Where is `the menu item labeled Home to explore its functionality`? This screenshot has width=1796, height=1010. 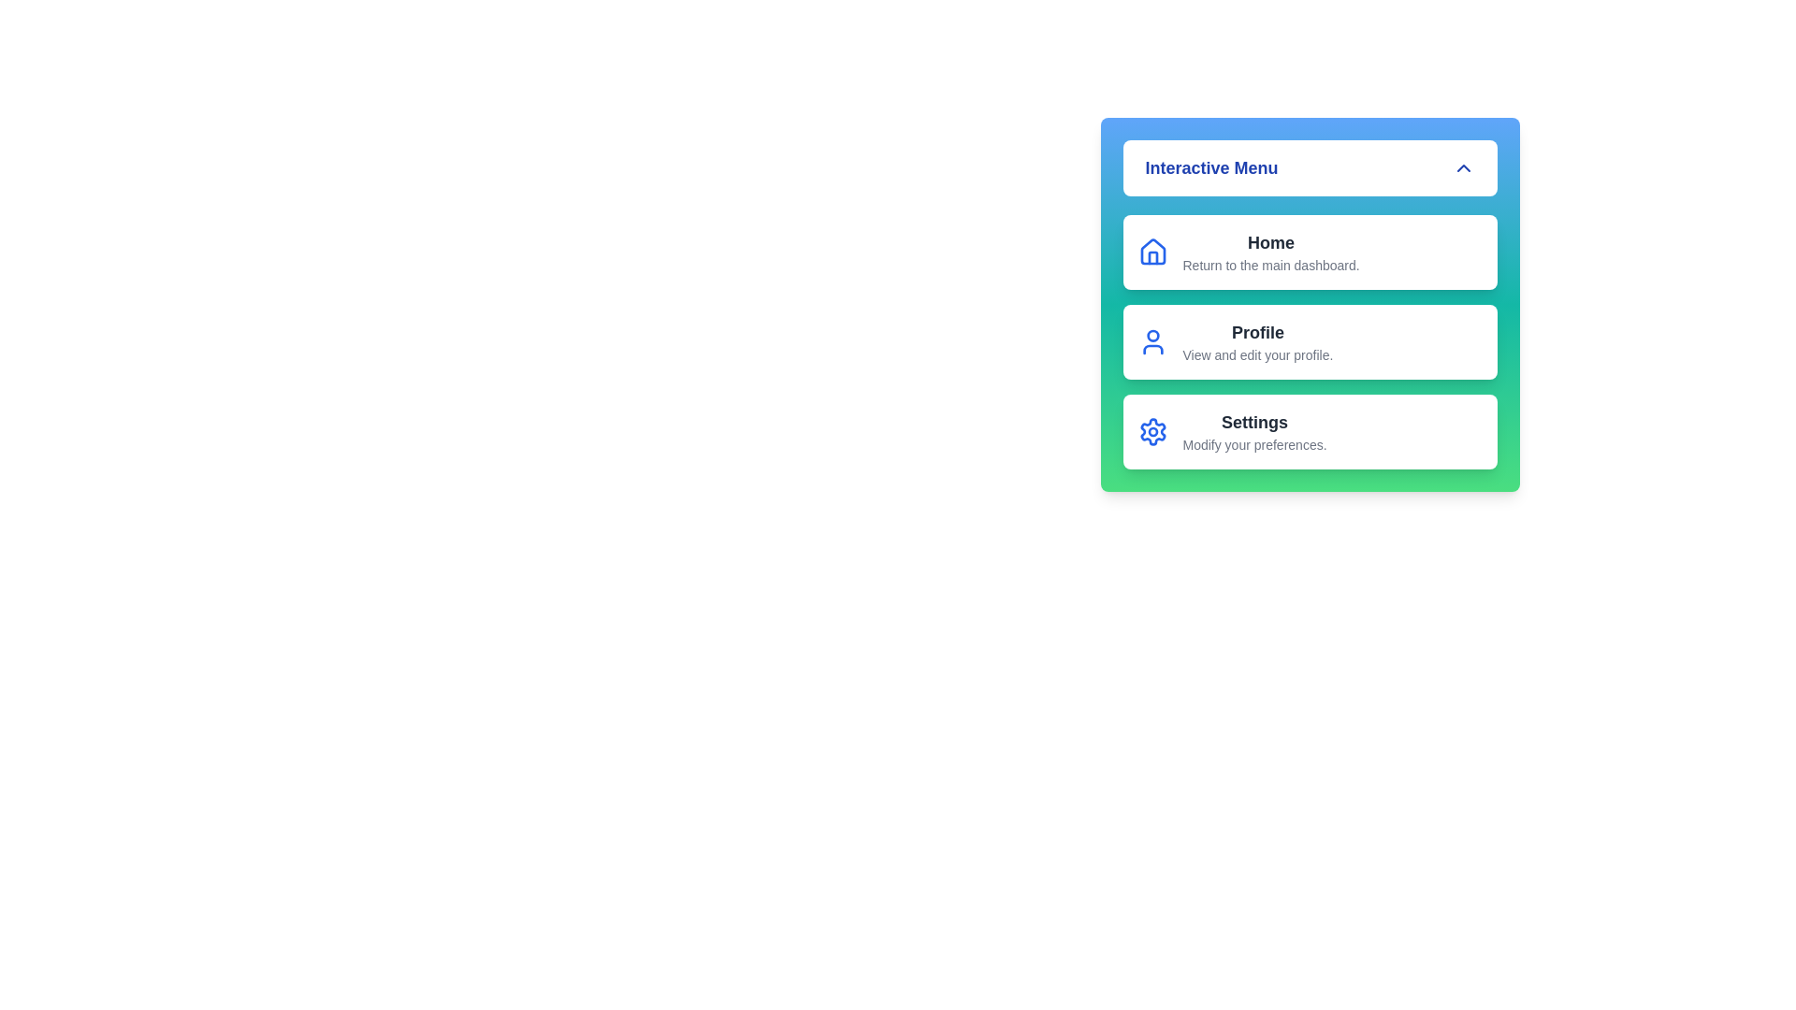 the menu item labeled Home to explore its functionality is located at coordinates (1309, 252).